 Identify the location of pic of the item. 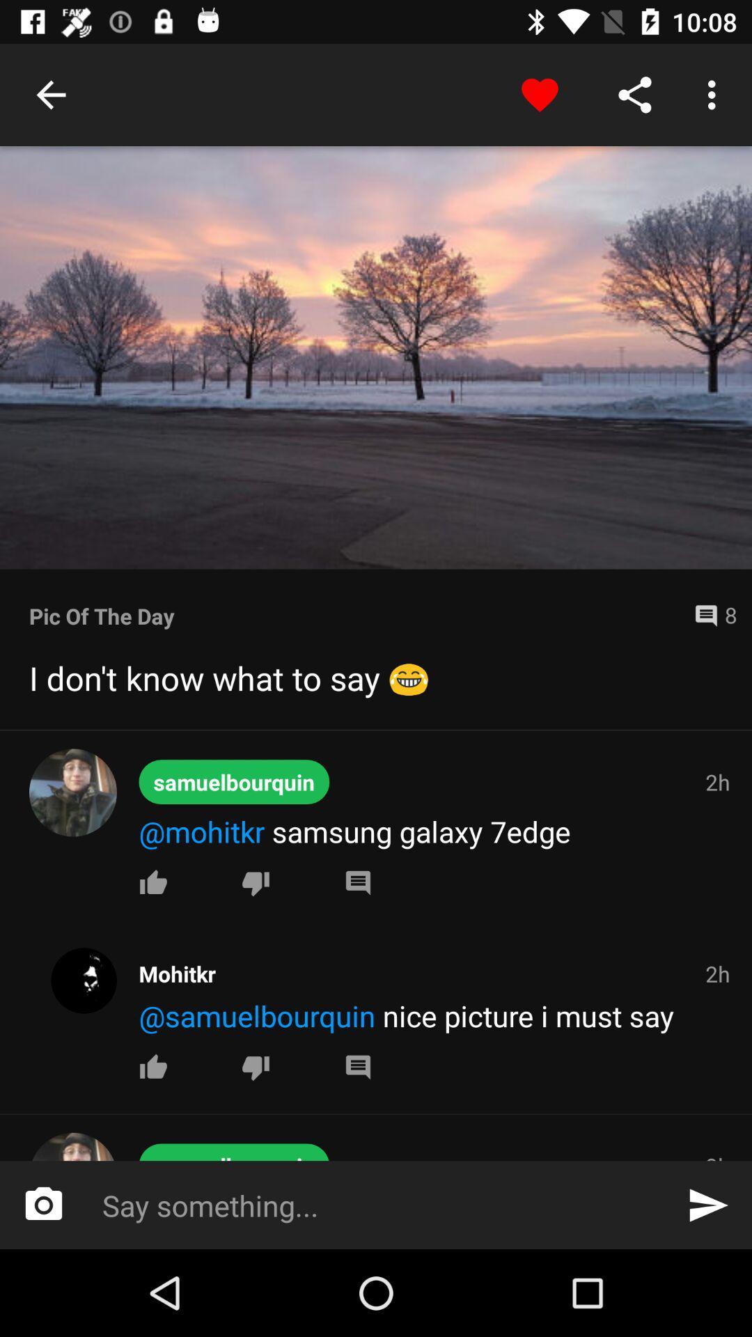
(355, 615).